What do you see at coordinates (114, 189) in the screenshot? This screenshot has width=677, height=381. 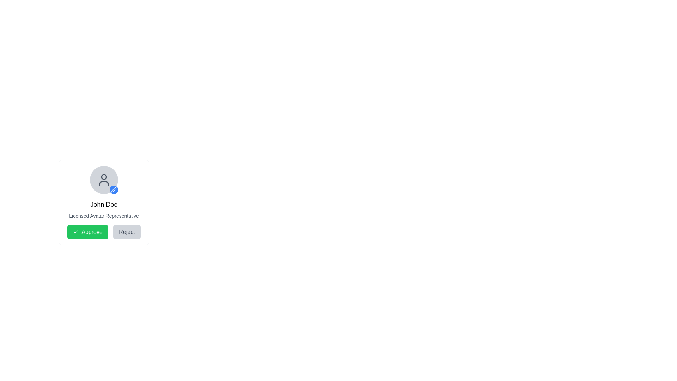 I see `the edit icon button located at the bottom-right corner of the circular avatar graphic` at bounding box center [114, 189].